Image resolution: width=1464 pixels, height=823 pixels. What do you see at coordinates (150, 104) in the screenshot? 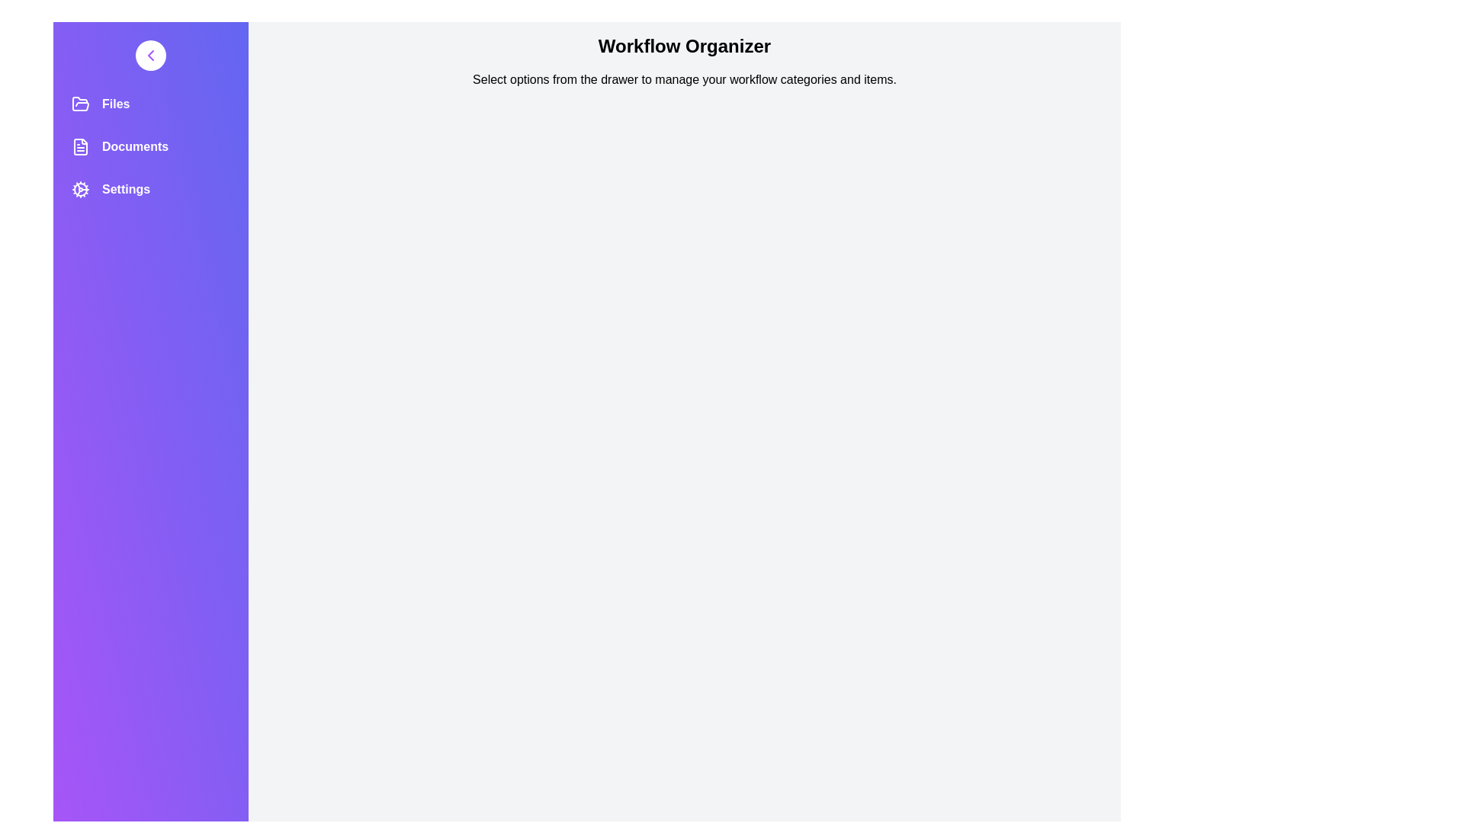
I see `the 'Files' category in the navigation drawer` at bounding box center [150, 104].